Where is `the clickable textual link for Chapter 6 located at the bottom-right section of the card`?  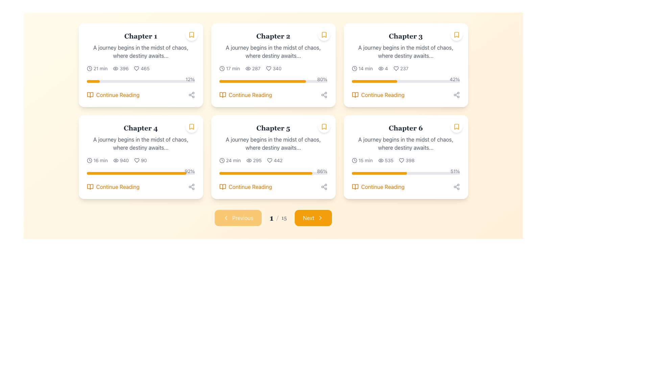 the clickable textual link for Chapter 6 located at the bottom-right section of the card is located at coordinates (383, 187).